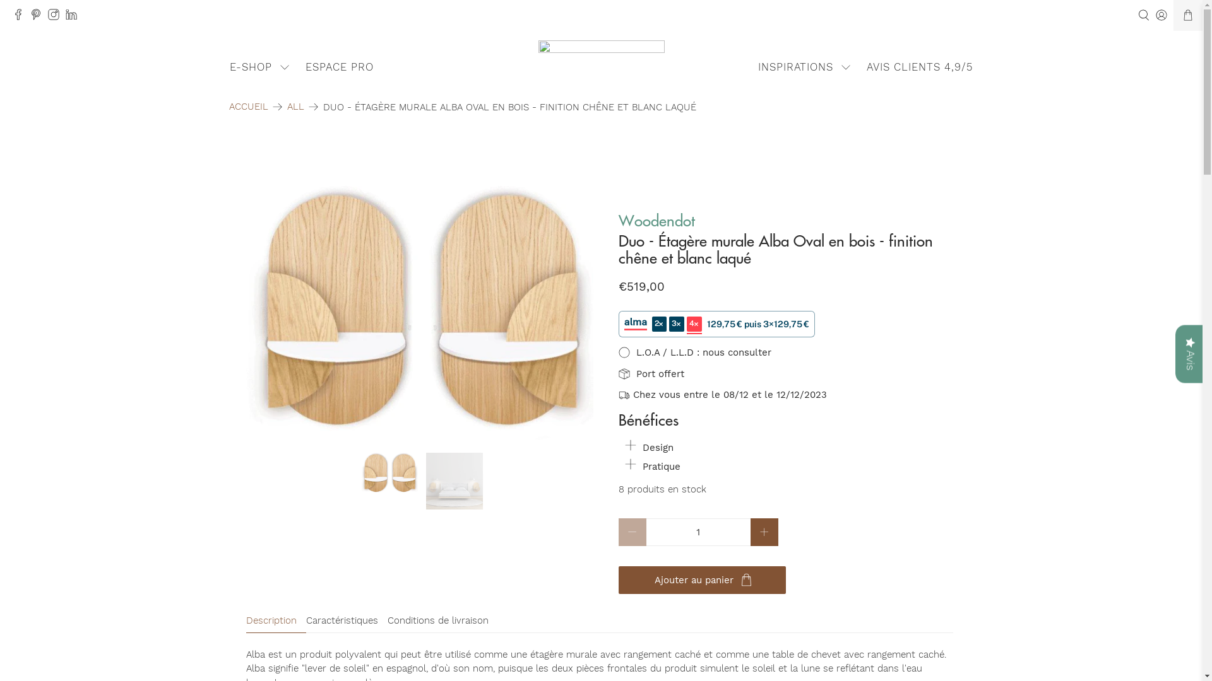  Describe the element at coordinates (294, 106) in the screenshot. I see `'ALL'` at that location.